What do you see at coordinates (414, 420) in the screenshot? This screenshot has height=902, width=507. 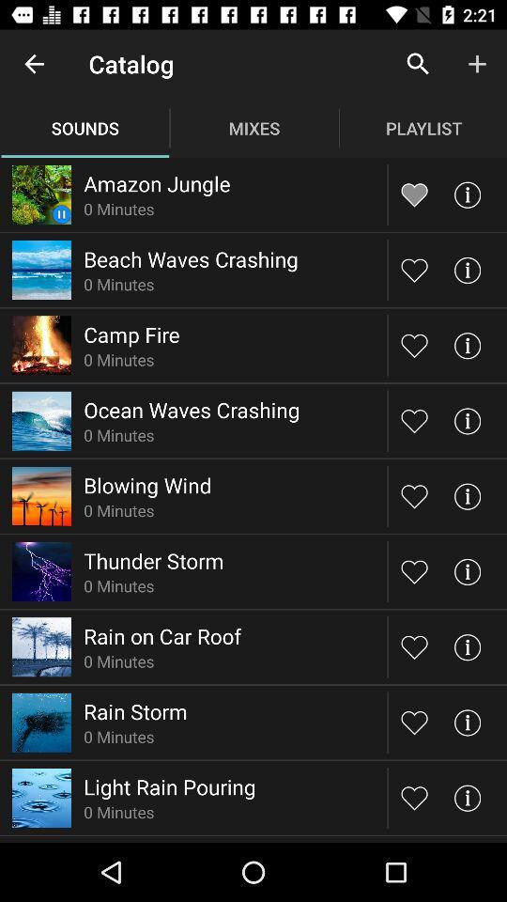 I see `love this sound` at bounding box center [414, 420].